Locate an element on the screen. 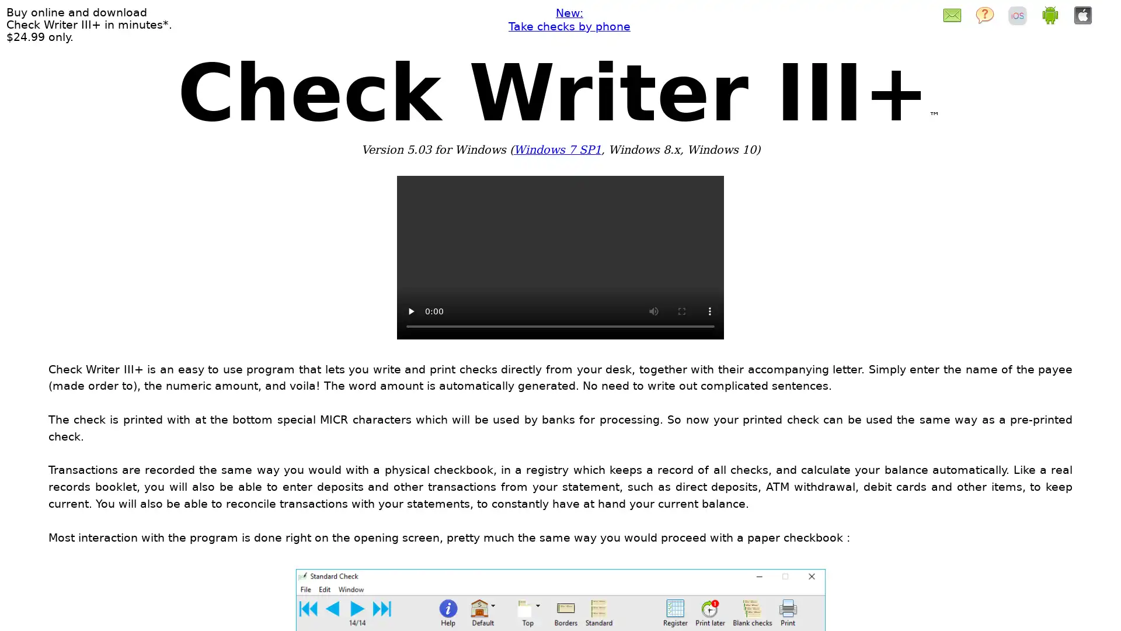 The image size is (1121, 631). enter full screen is located at coordinates (681, 310).